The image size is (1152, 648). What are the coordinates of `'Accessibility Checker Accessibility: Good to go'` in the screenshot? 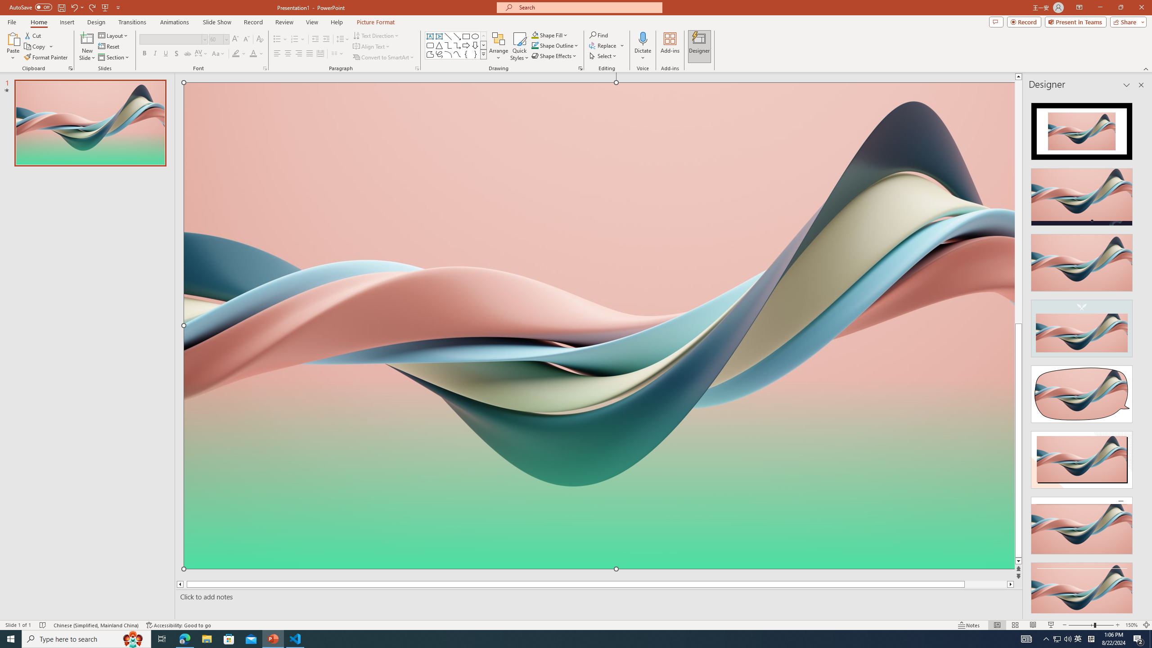 It's located at (179, 625).